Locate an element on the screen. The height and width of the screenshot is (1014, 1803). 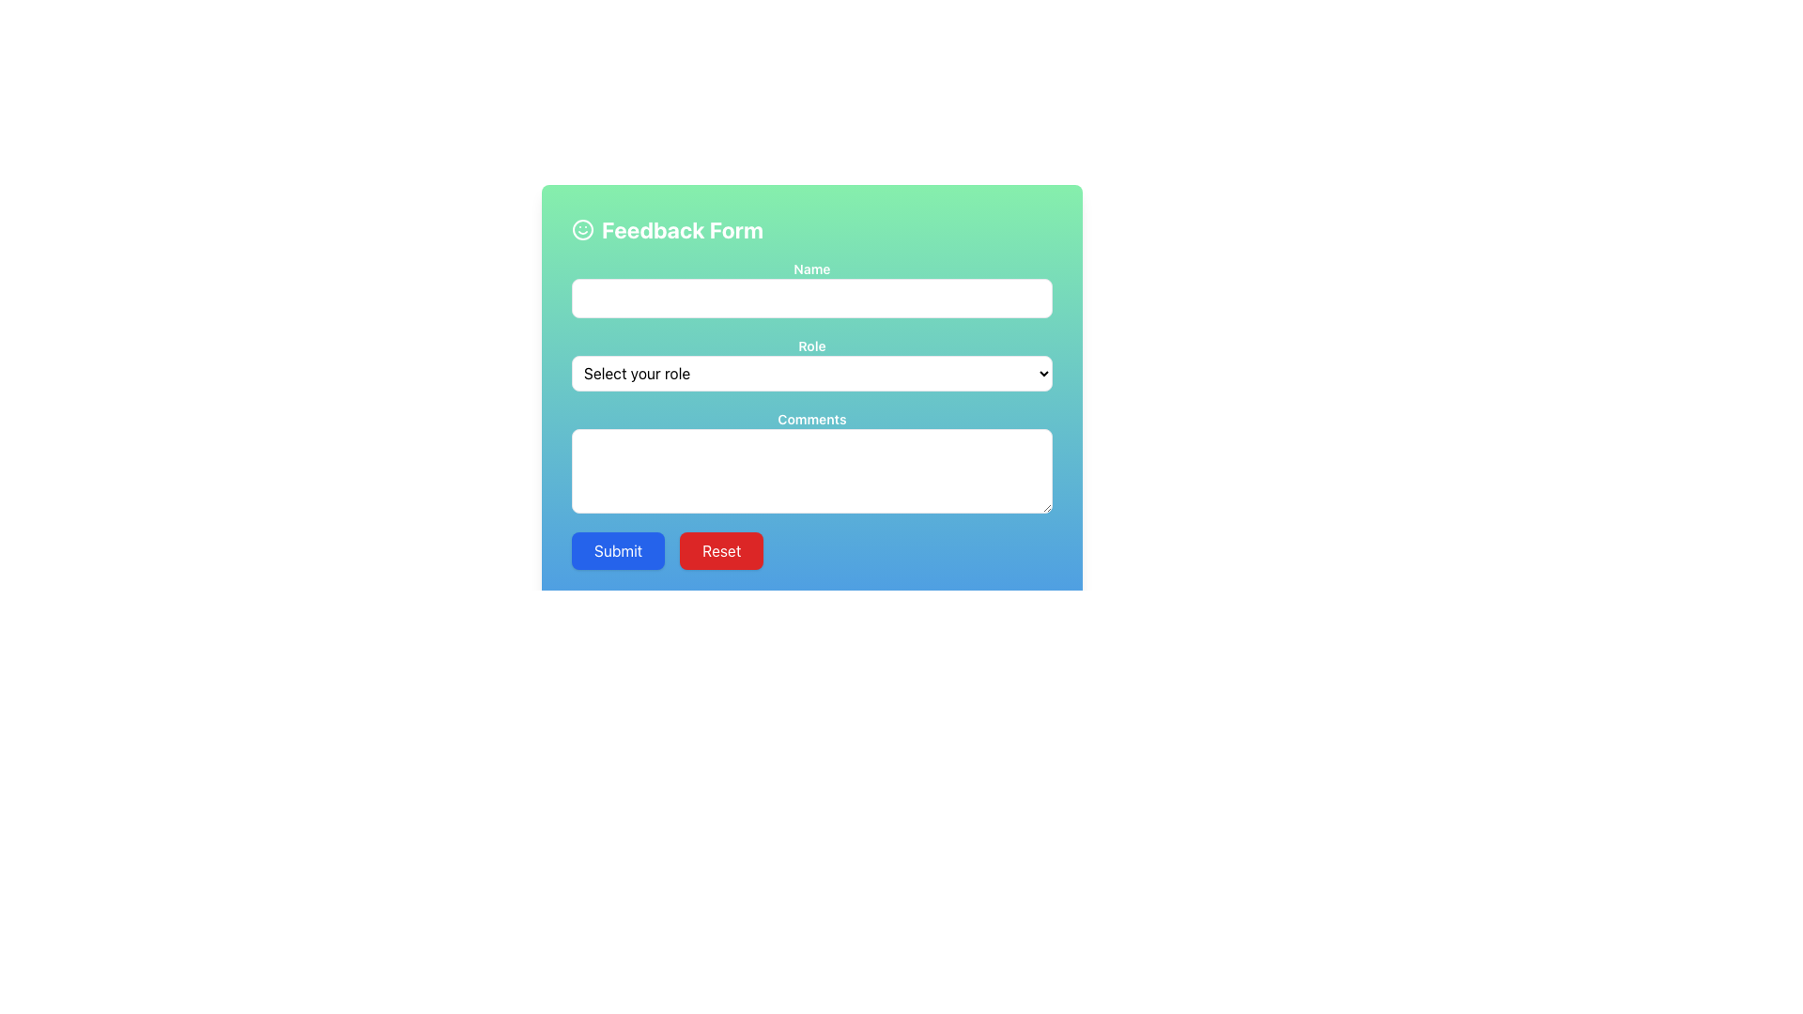
the red 'Reset' button with rounded corners located at the bottom-right of the form interface is located at coordinates (720, 549).